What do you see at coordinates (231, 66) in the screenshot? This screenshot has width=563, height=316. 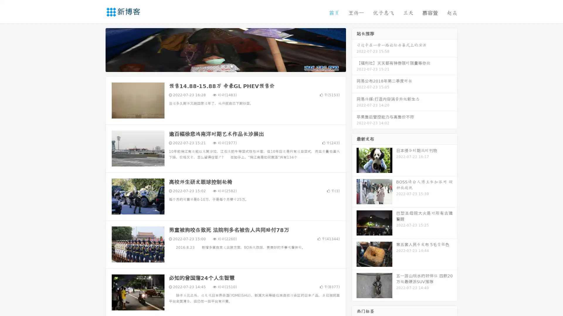 I see `Go to slide 3` at bounding box center [231, 66].